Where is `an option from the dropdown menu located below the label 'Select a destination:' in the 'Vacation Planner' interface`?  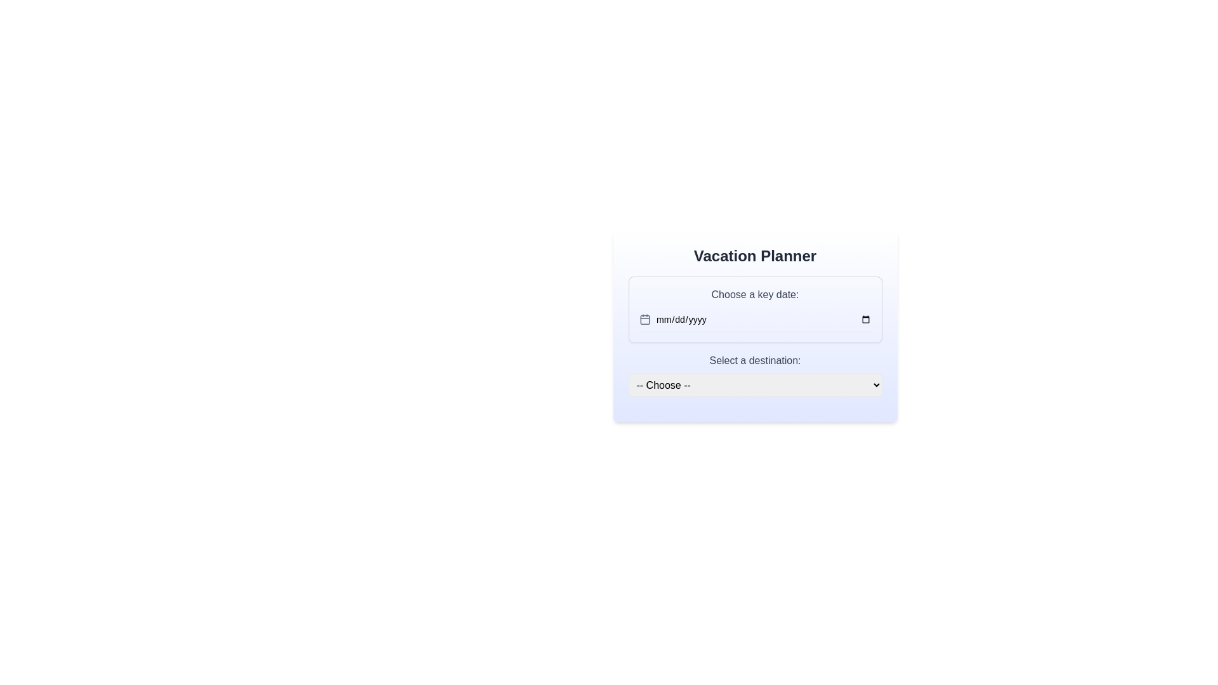 an option from the dropdown menu located below the label 'Select a destination:' in the 'Vacation Planner' interface is located at coordinates (755, 374).